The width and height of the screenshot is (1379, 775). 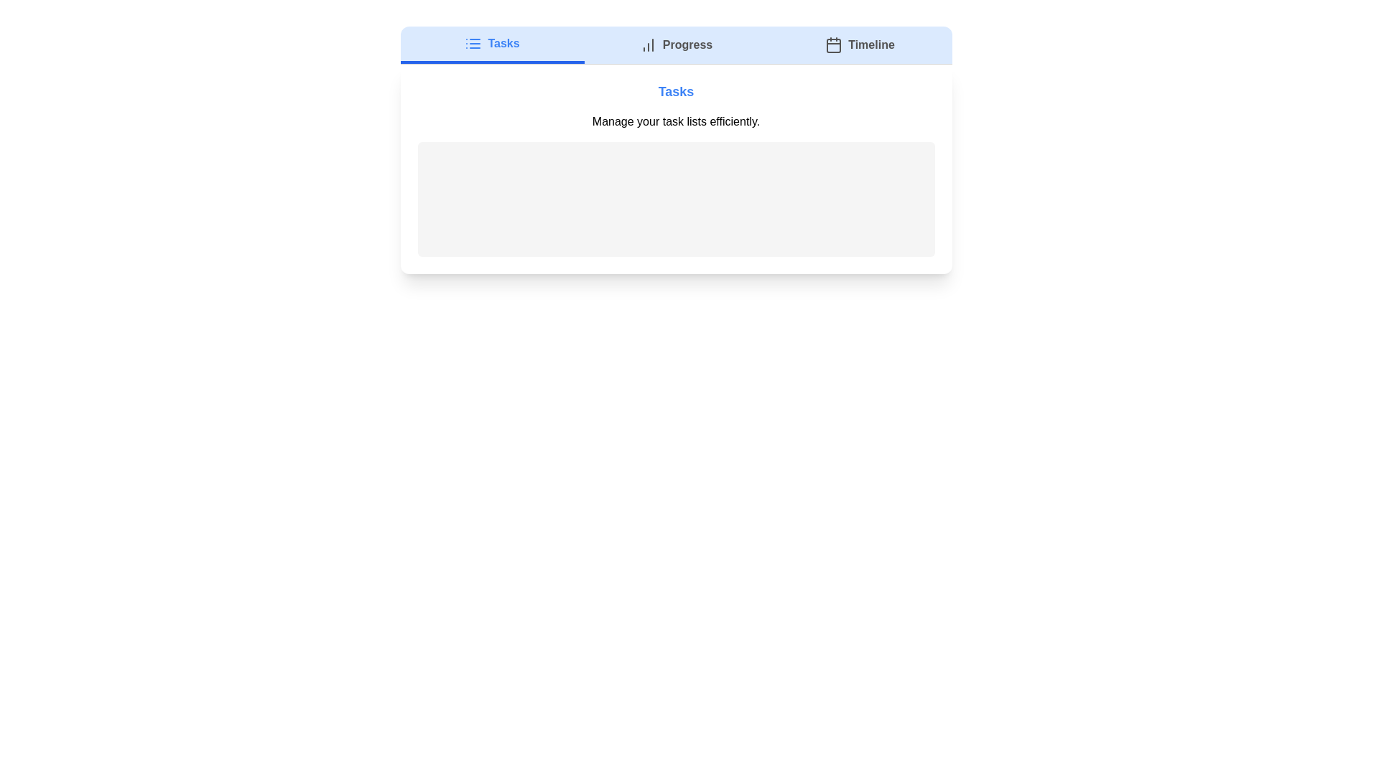 What do you see at coordinates (647, 44) in the screenshot?
I see `the progress tracking icon located to the left of the 'Progress' label in the top navigation bar` at bounding box center [647, 44].